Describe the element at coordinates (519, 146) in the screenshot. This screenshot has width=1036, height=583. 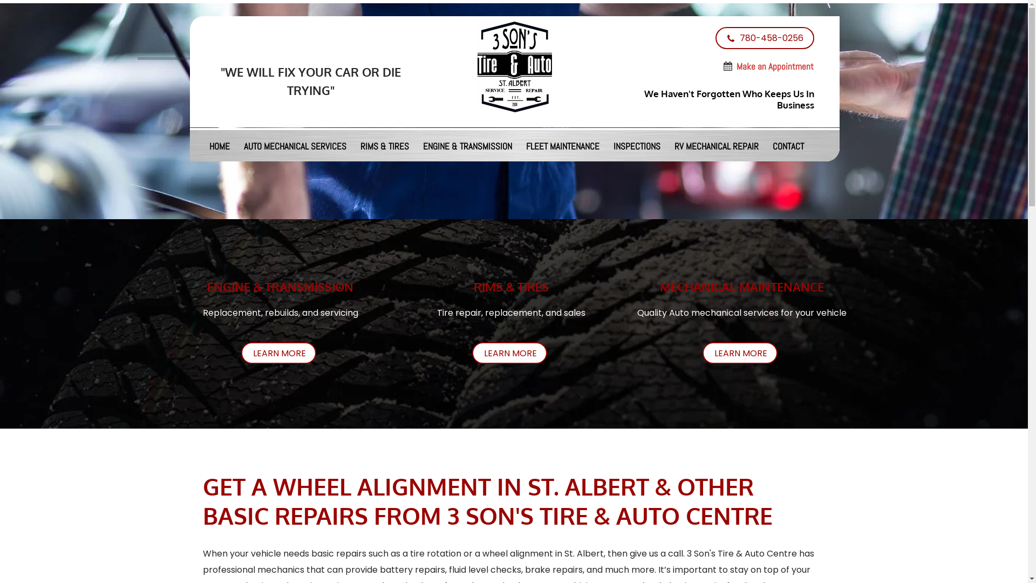
I see `'FLEET MAINTENANCE'` at that location.